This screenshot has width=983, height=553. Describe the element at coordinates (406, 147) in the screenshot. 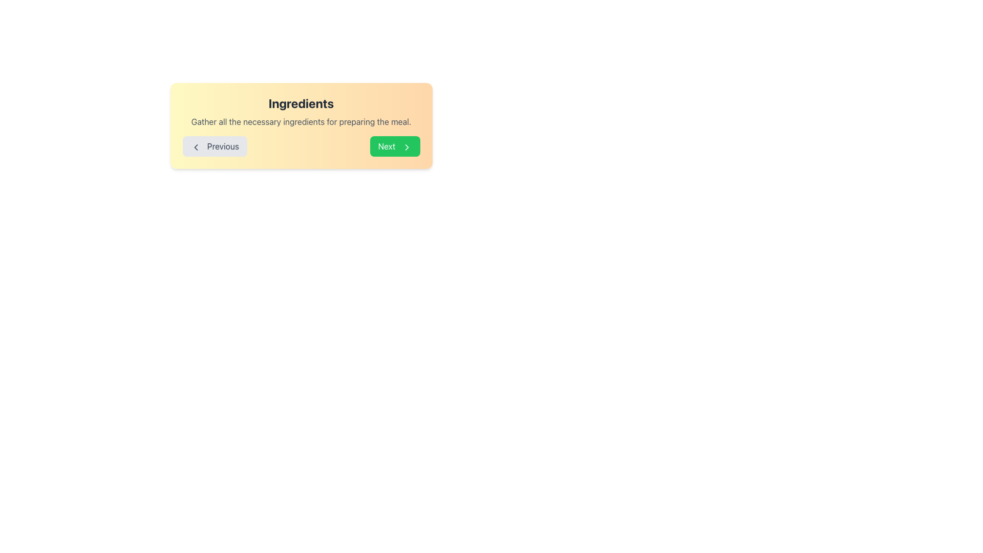

I see `the arrow icon representing the action of moving forward, which is centered within the 'Next' button located at the bottom right of the 'Ingredients' section` at that location.